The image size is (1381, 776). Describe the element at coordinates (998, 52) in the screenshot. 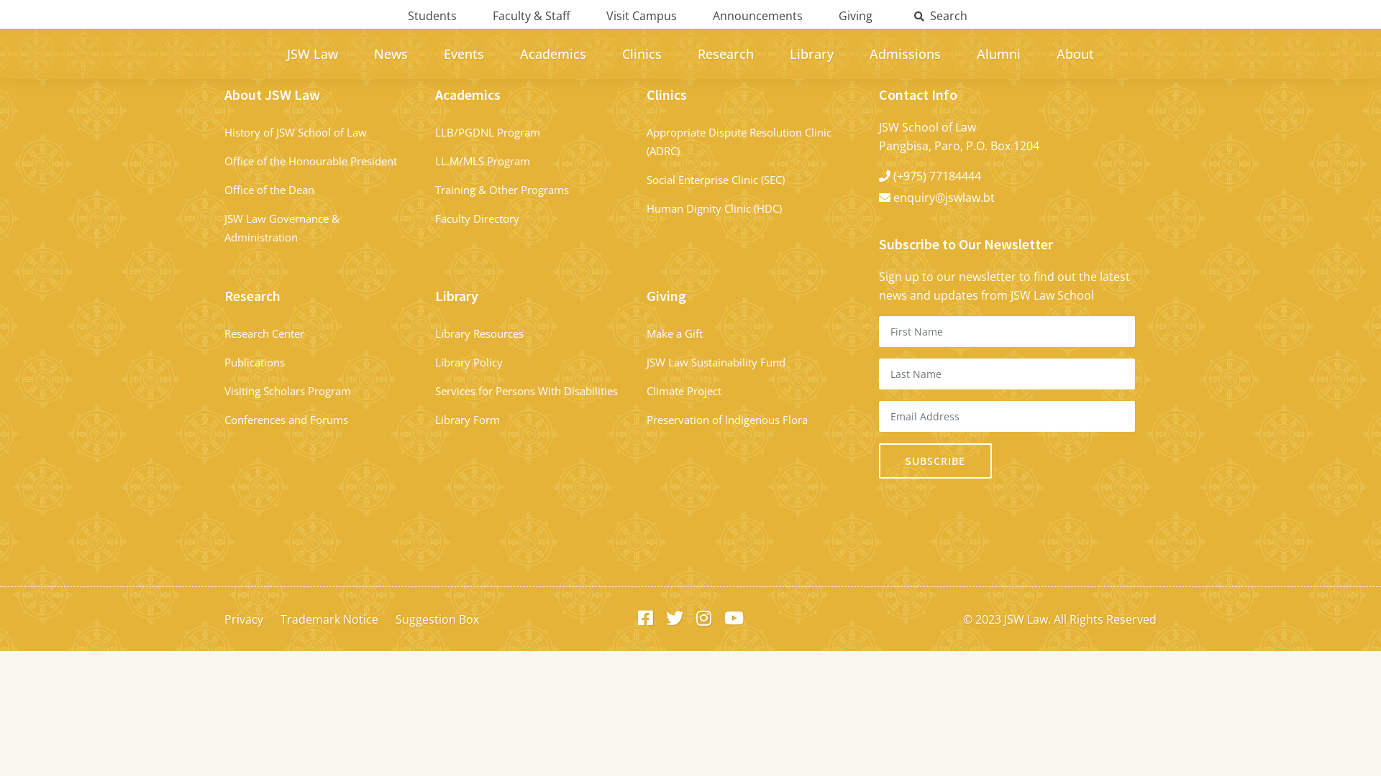

I see `'Alumni'` at that location.